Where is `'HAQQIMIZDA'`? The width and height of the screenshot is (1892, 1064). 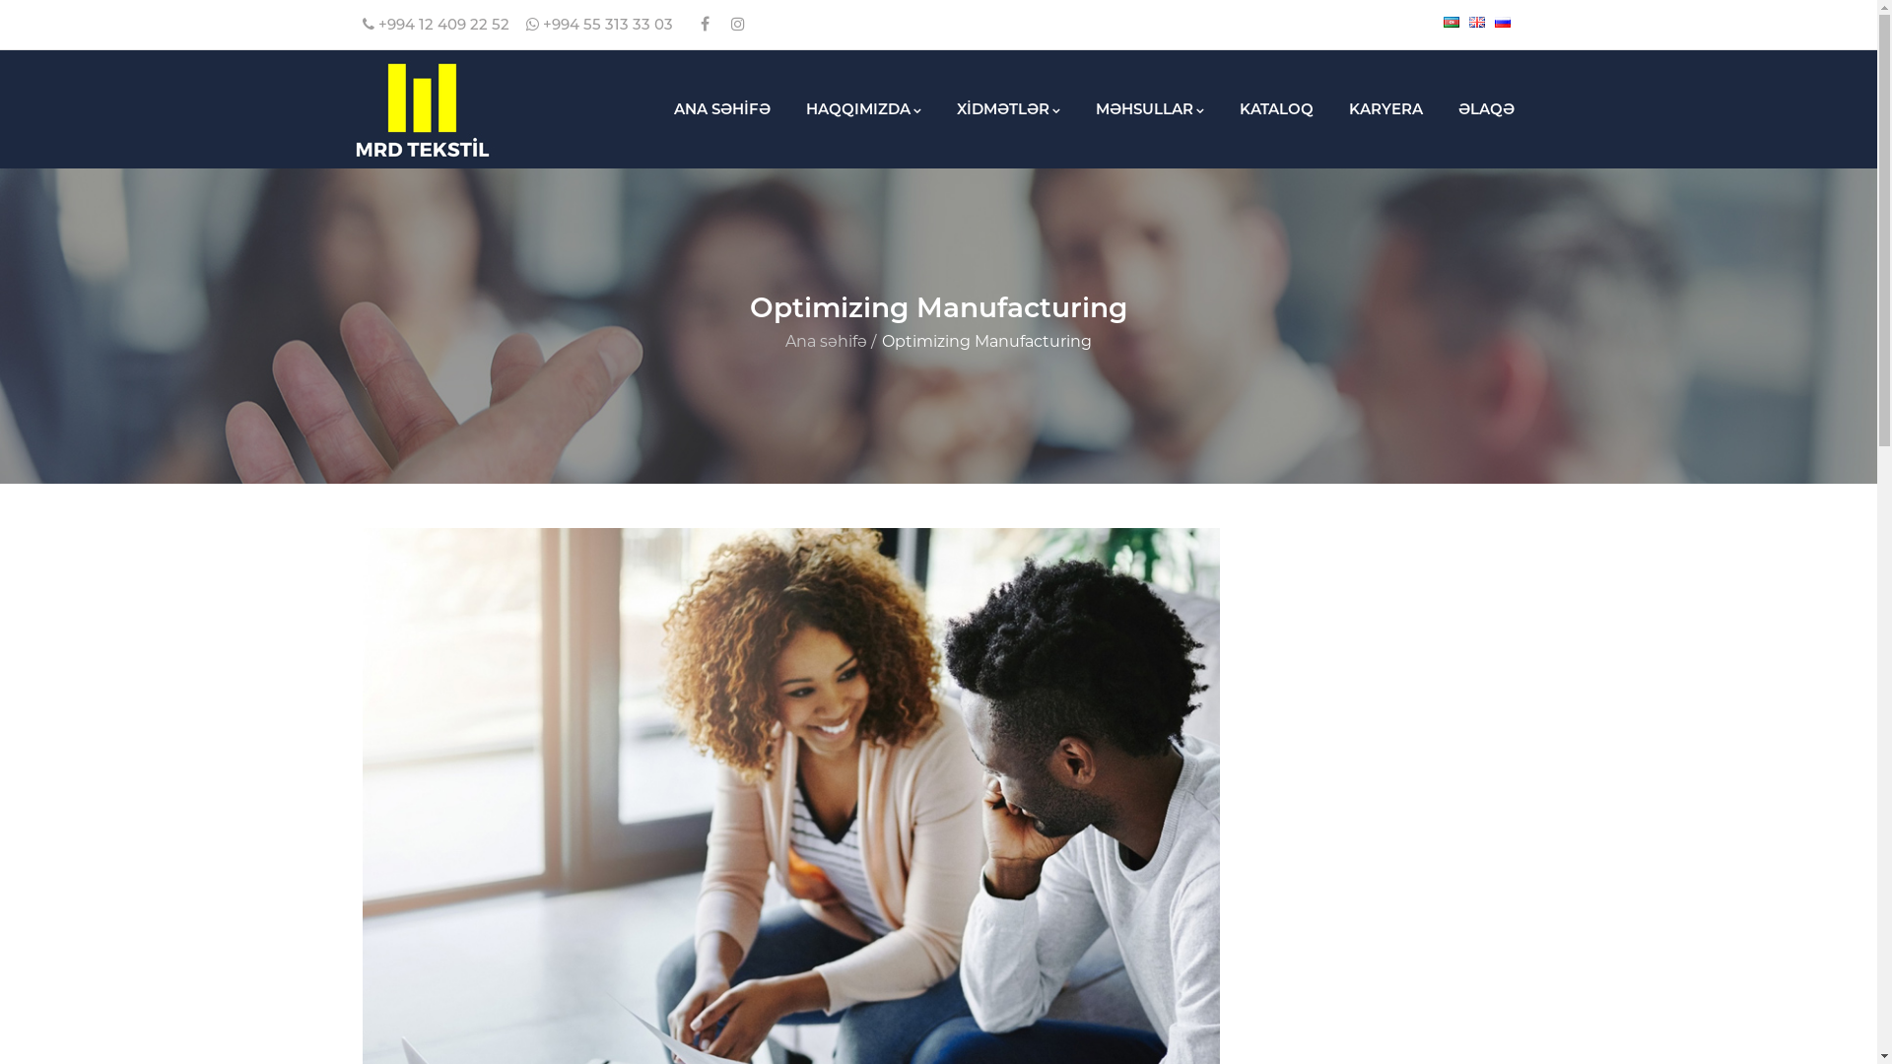 'HAQQIMIZDA' is located at coordinates (863, 109).